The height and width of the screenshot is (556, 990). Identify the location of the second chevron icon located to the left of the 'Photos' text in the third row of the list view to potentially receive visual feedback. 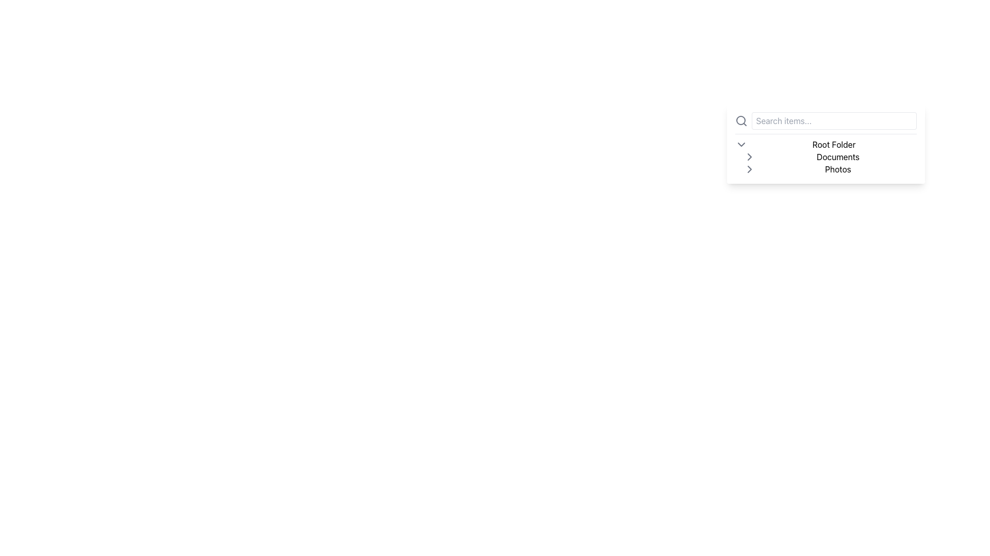
(749, 168).